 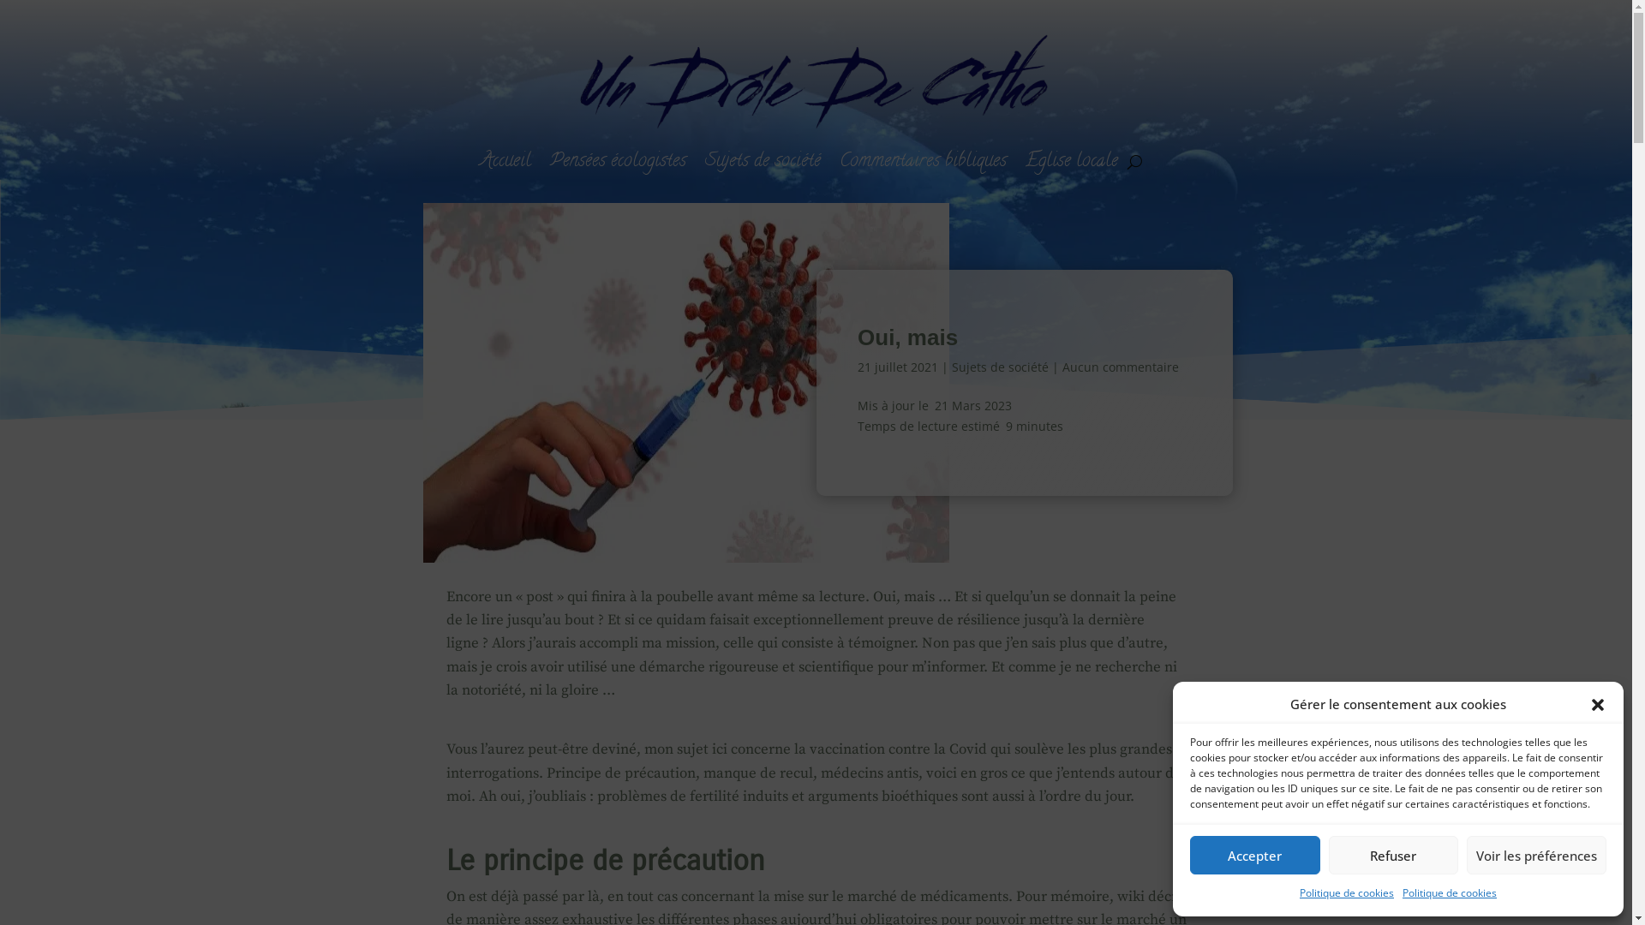 I want to click on 'Commentaires bibliques', so click(x=922, y=162).